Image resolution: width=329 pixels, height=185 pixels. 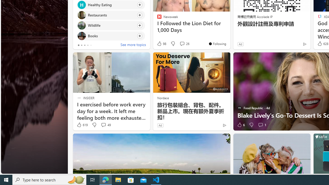 I want to click on 'View comments 1 Comment', so click(x=260, y=125).